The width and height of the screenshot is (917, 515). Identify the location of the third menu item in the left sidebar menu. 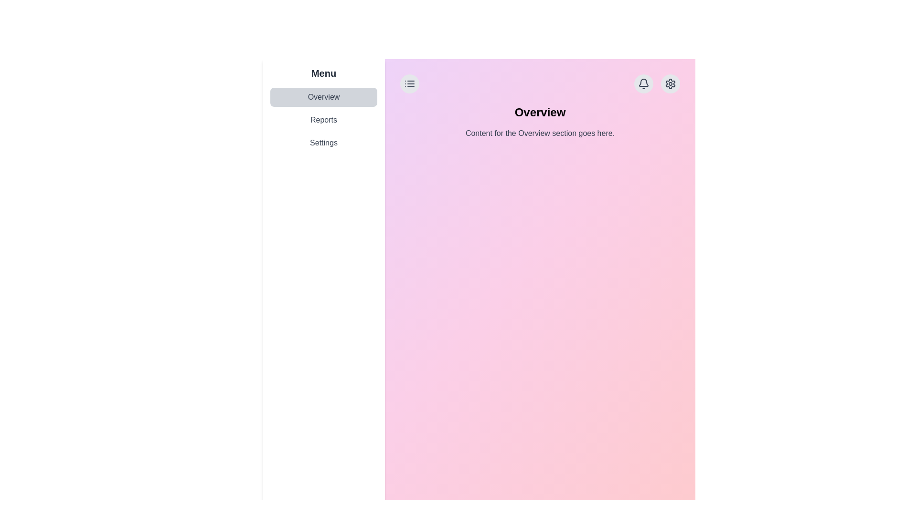
(323, 143).